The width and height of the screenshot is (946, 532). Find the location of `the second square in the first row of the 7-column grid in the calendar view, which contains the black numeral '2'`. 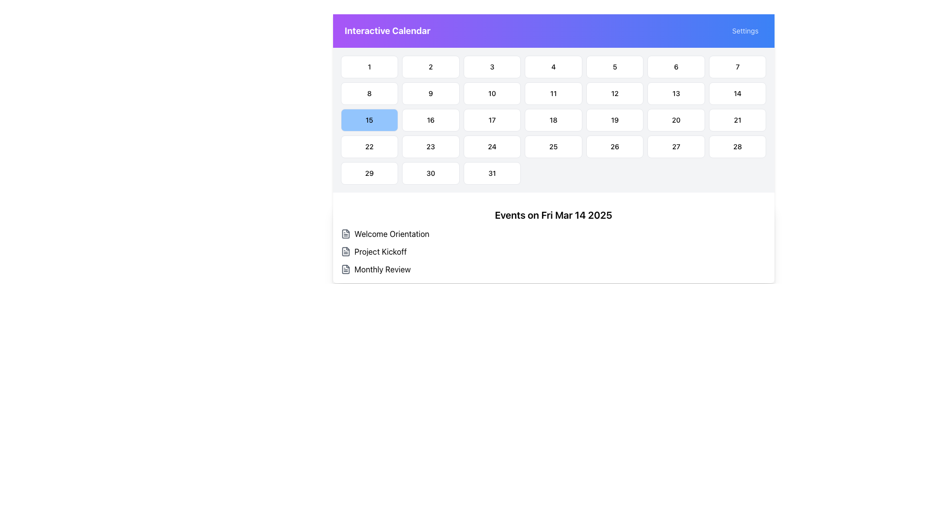

the second square in the first row of the 7-column grid in the calendar view, which contains the black numeral '2' is located at coordinates (431, 66).